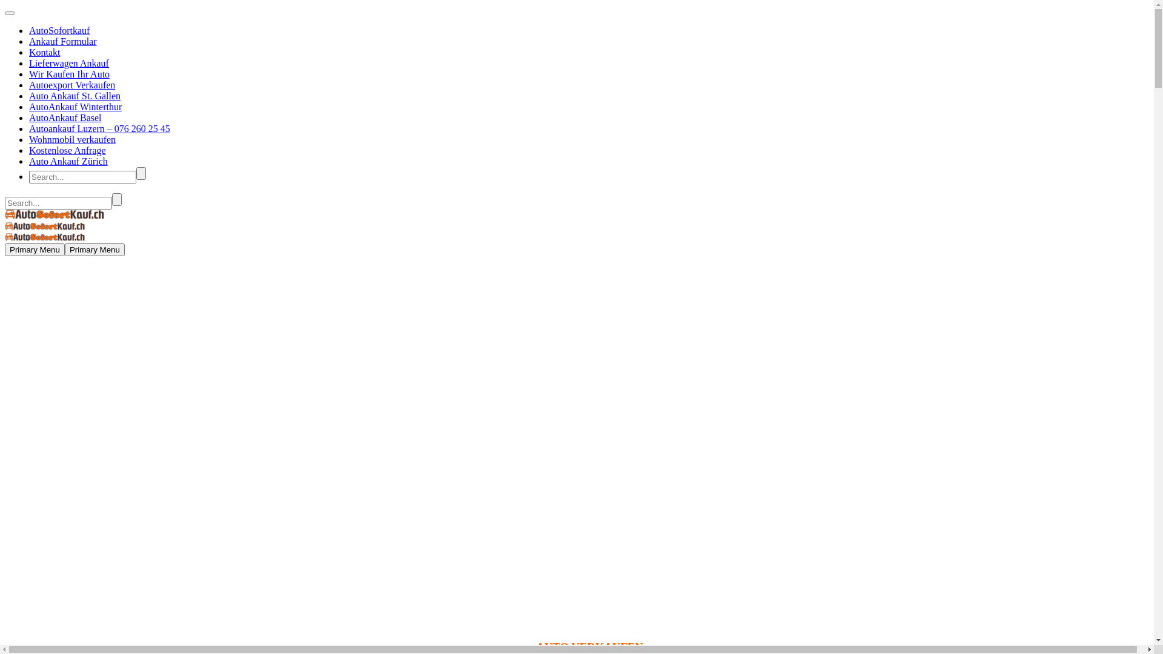 This screenshot has height=654, width=1163. What do you see at coordinates (29, 41) in the screenshot?
I see `'Ankauf Formular'` at bounding box center [29, 41].